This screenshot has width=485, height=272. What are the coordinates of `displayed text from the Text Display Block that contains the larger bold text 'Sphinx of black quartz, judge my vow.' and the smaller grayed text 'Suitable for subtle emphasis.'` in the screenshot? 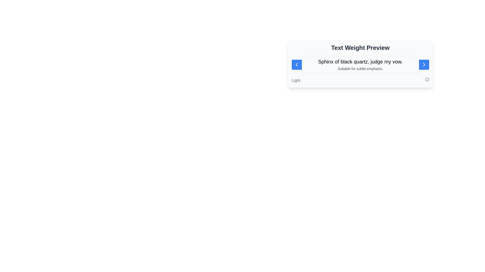 It's located at (360, 64).